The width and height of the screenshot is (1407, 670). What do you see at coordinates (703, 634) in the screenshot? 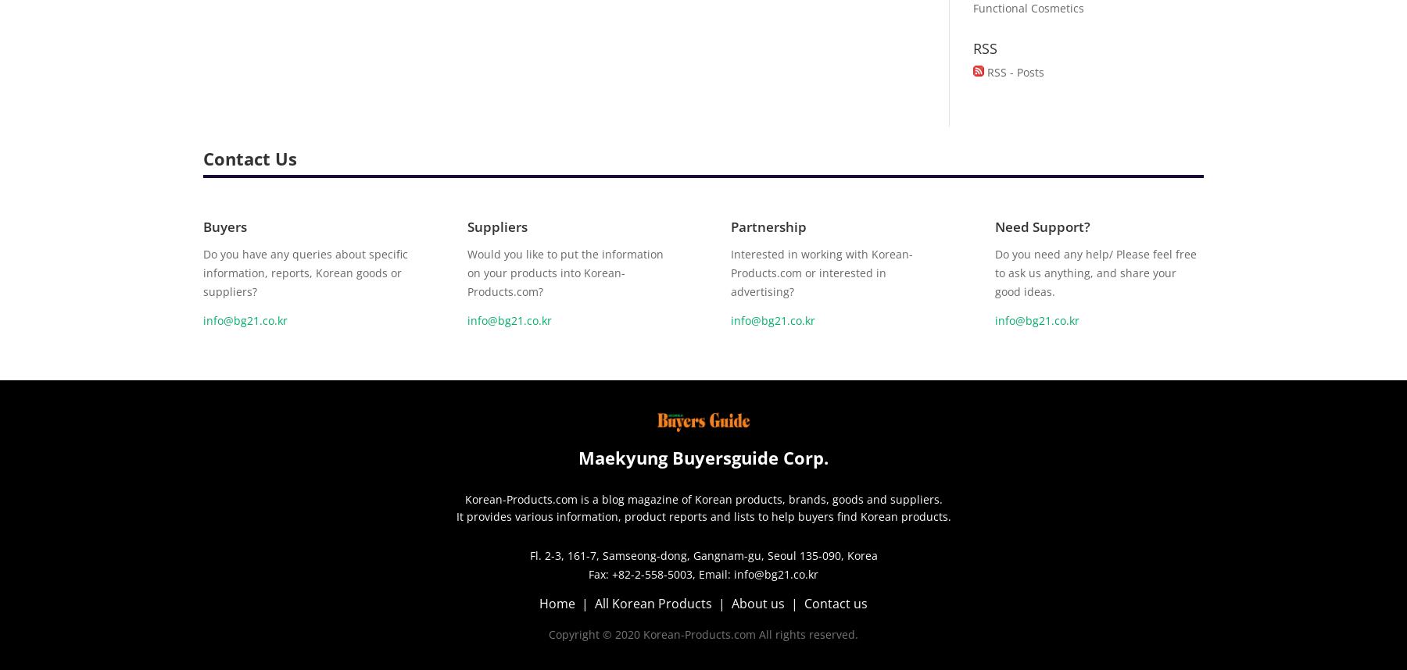
I see `'Copyright © 2020 Korean-Products.com All rights reserved.'` at bounding box center [703, 634].